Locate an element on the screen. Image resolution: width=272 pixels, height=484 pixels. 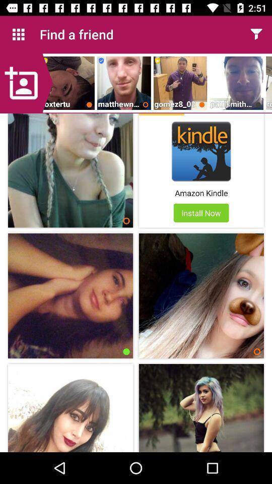
the second image circle button which is on right side of  the second vertical is located at coordinates (257, 351).